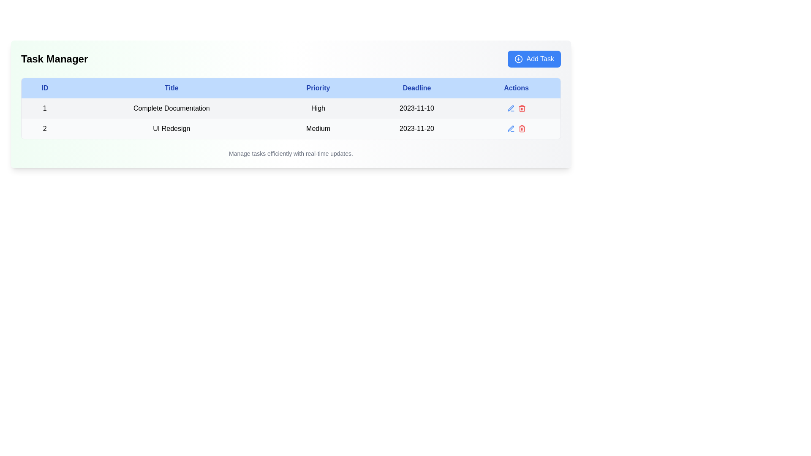 This screenshot has height=456, width=811. I want to click on the text label displaying the title of a task or item, located in the second column of the first row of the table, between the 'ID' and 'Priority' columns, so click(171, 108).